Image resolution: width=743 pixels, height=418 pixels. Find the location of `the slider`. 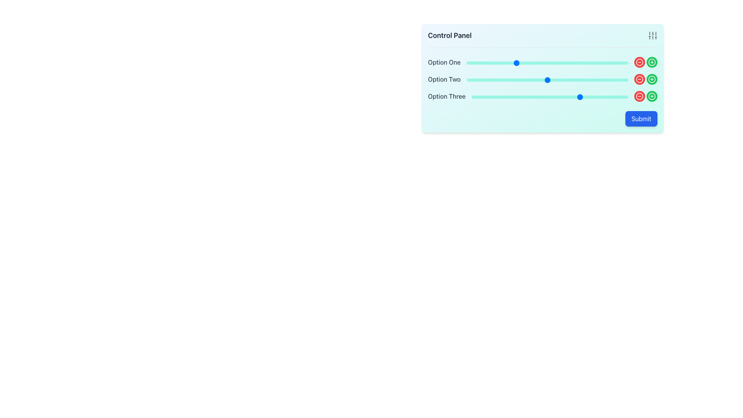

the slider is located at coordinates (507, 80).